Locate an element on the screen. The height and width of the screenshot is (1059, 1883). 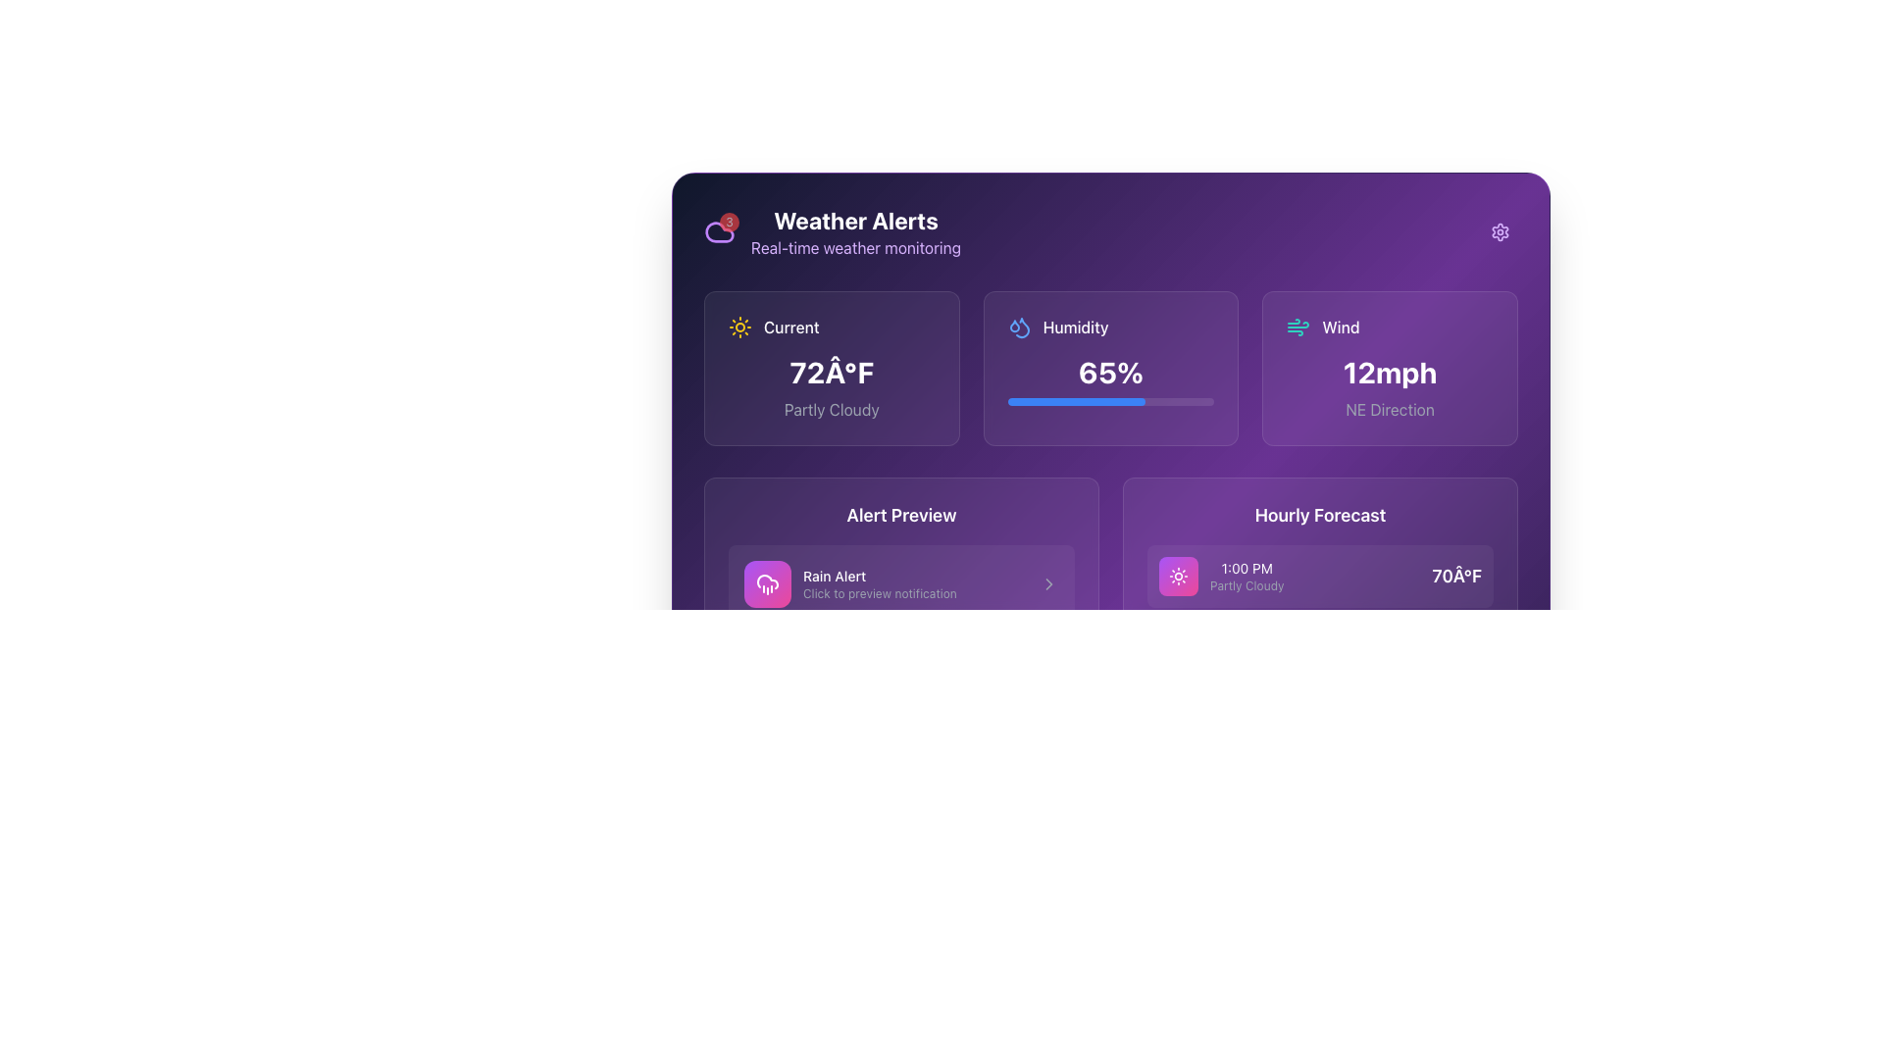
the UI element that provides the weather condition descriptor 'Partly Cloudy', located beneath '1:00 PM' in the 'Hourly Forecast' card is located at coordinates (1246, 584).